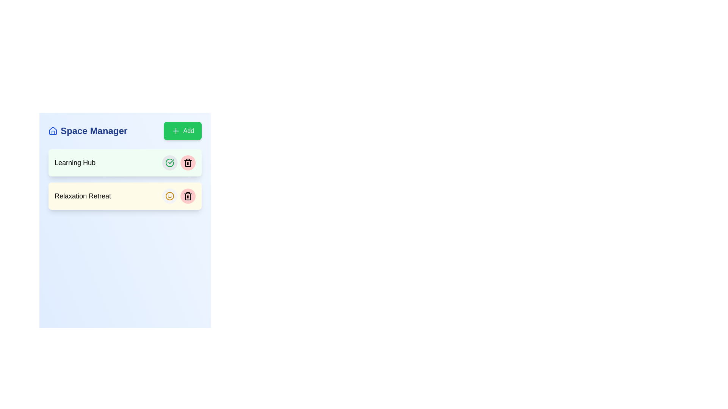 This screenshot has height=409, width=728. I want to click on the 'Space Manager' header with the house icon, so click(88, 131).